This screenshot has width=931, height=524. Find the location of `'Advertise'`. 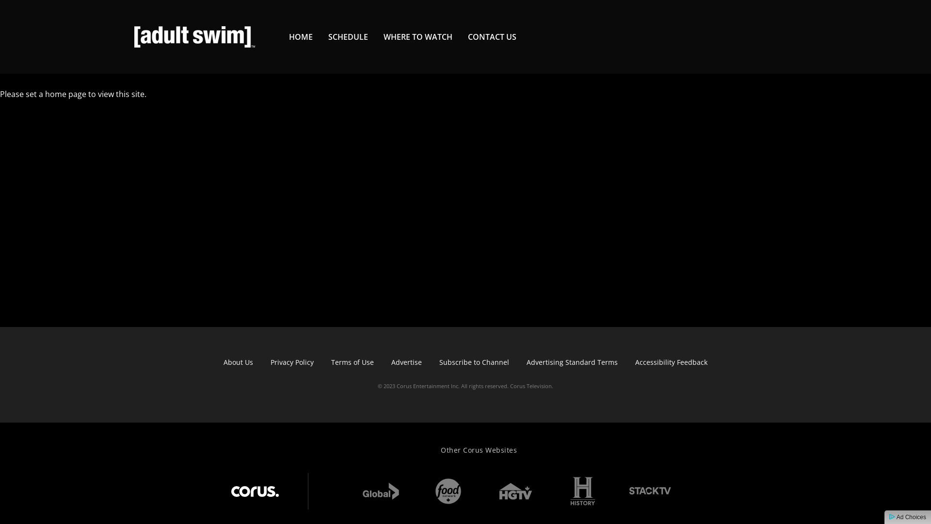

'Advertise' is located at coordinates (406, 361).